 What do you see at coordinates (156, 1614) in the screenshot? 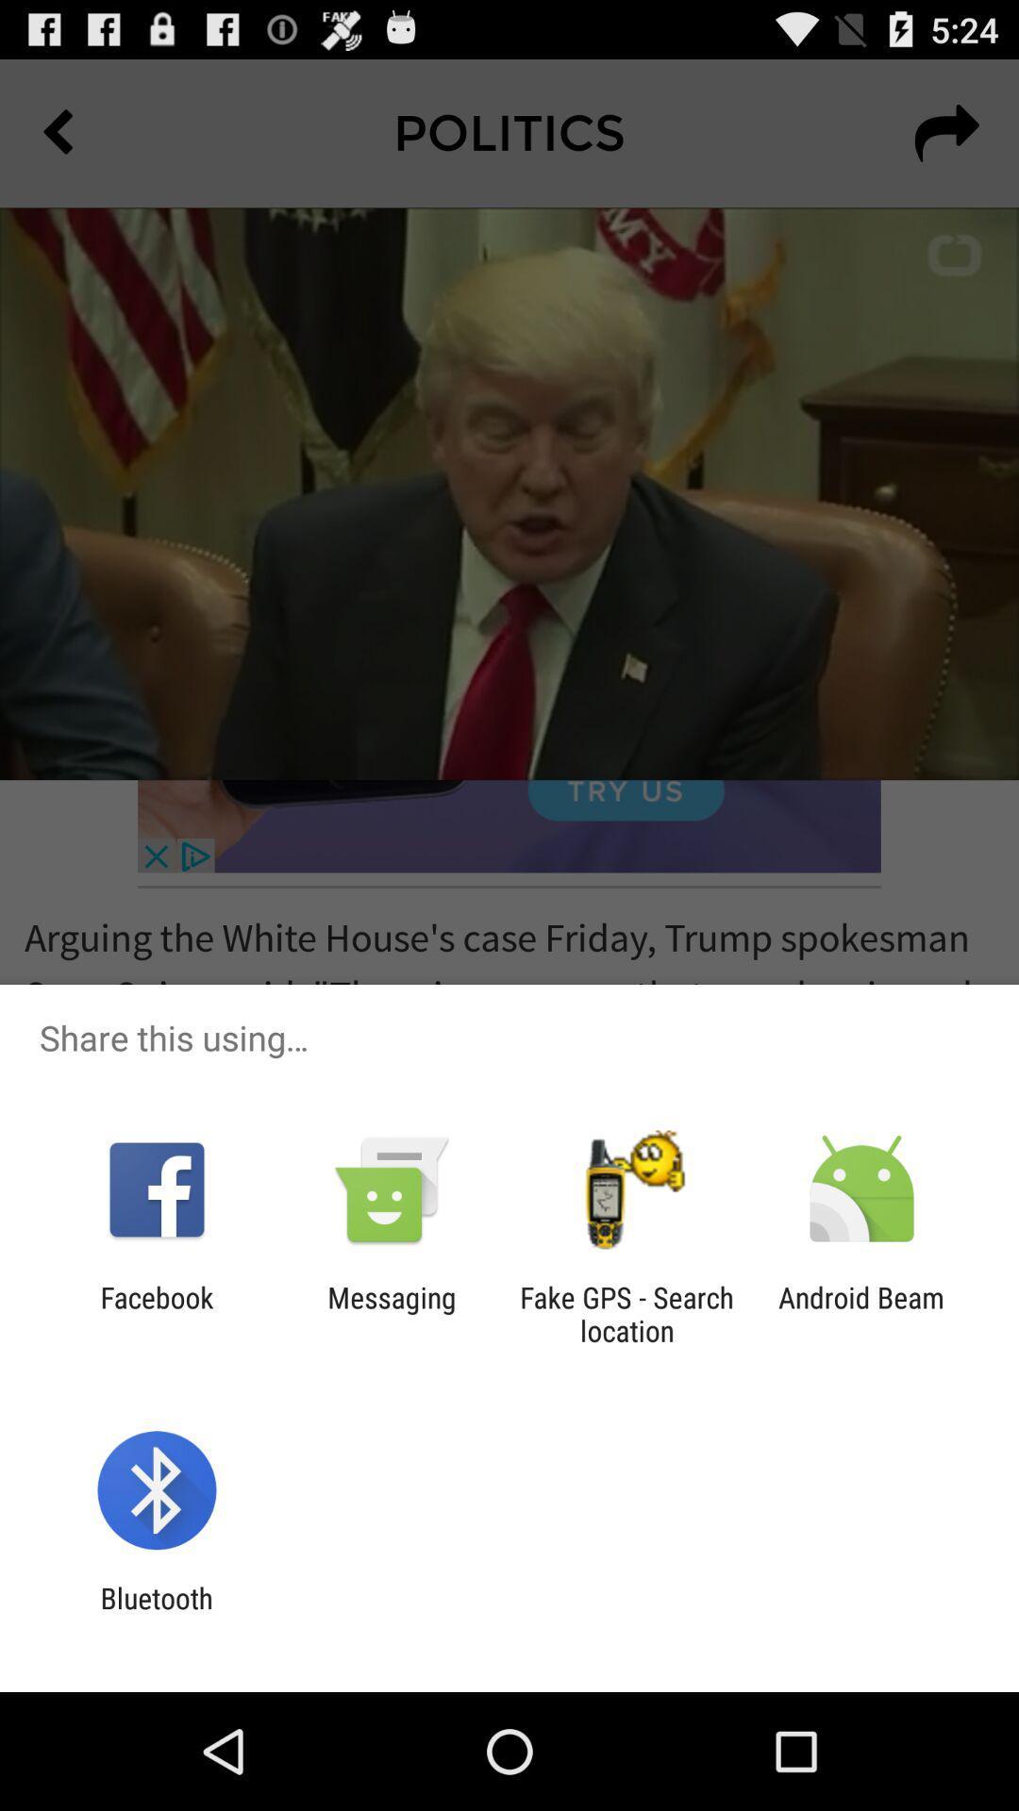
I see `bluetooth item` at bounding box center [156, 1614].